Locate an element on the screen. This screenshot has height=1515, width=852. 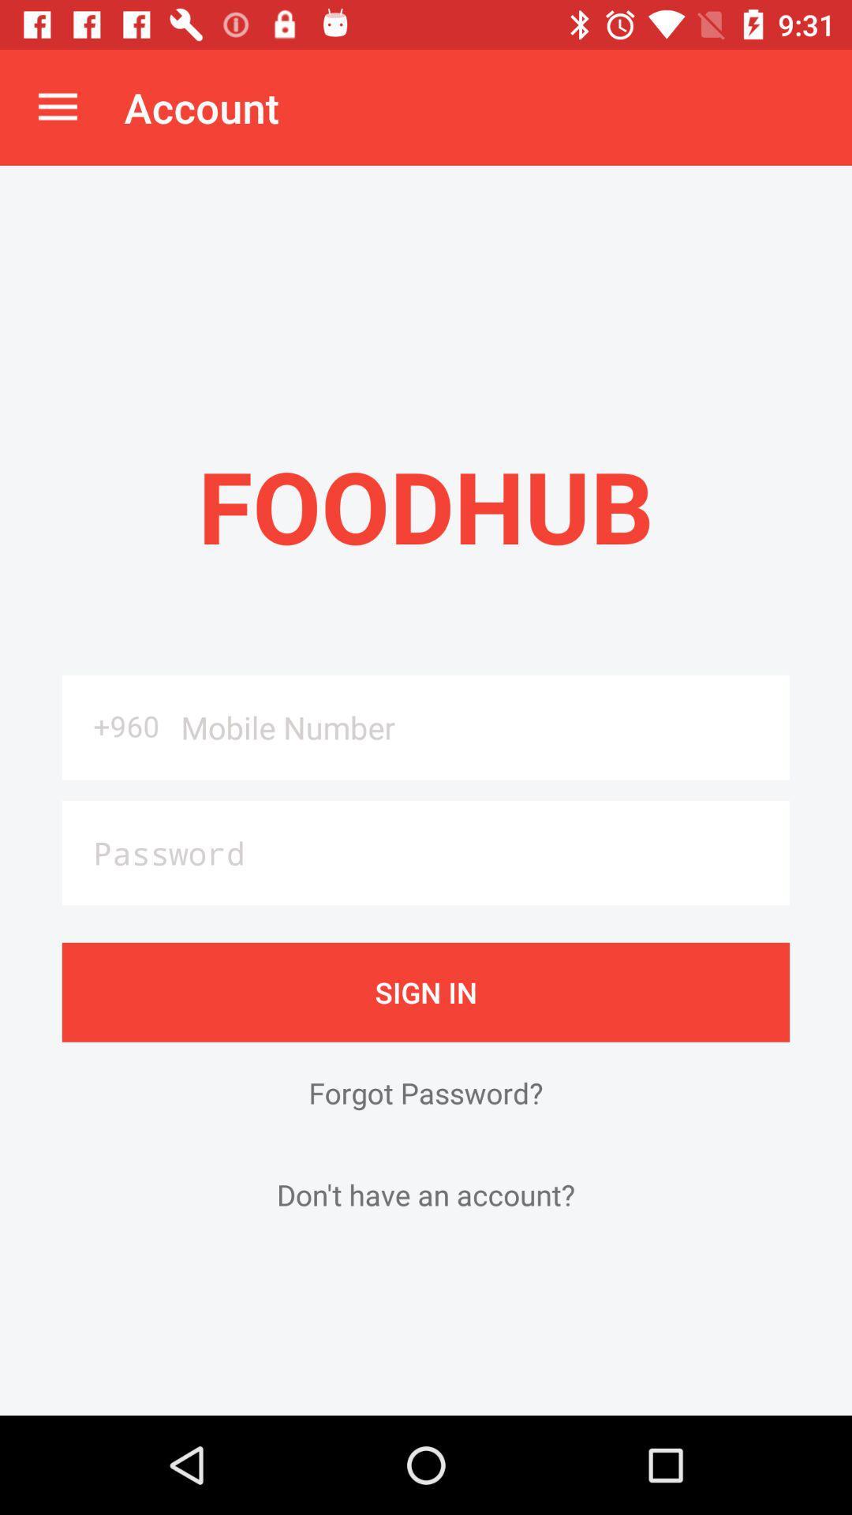
cell number is located at coordinates (479, 727).